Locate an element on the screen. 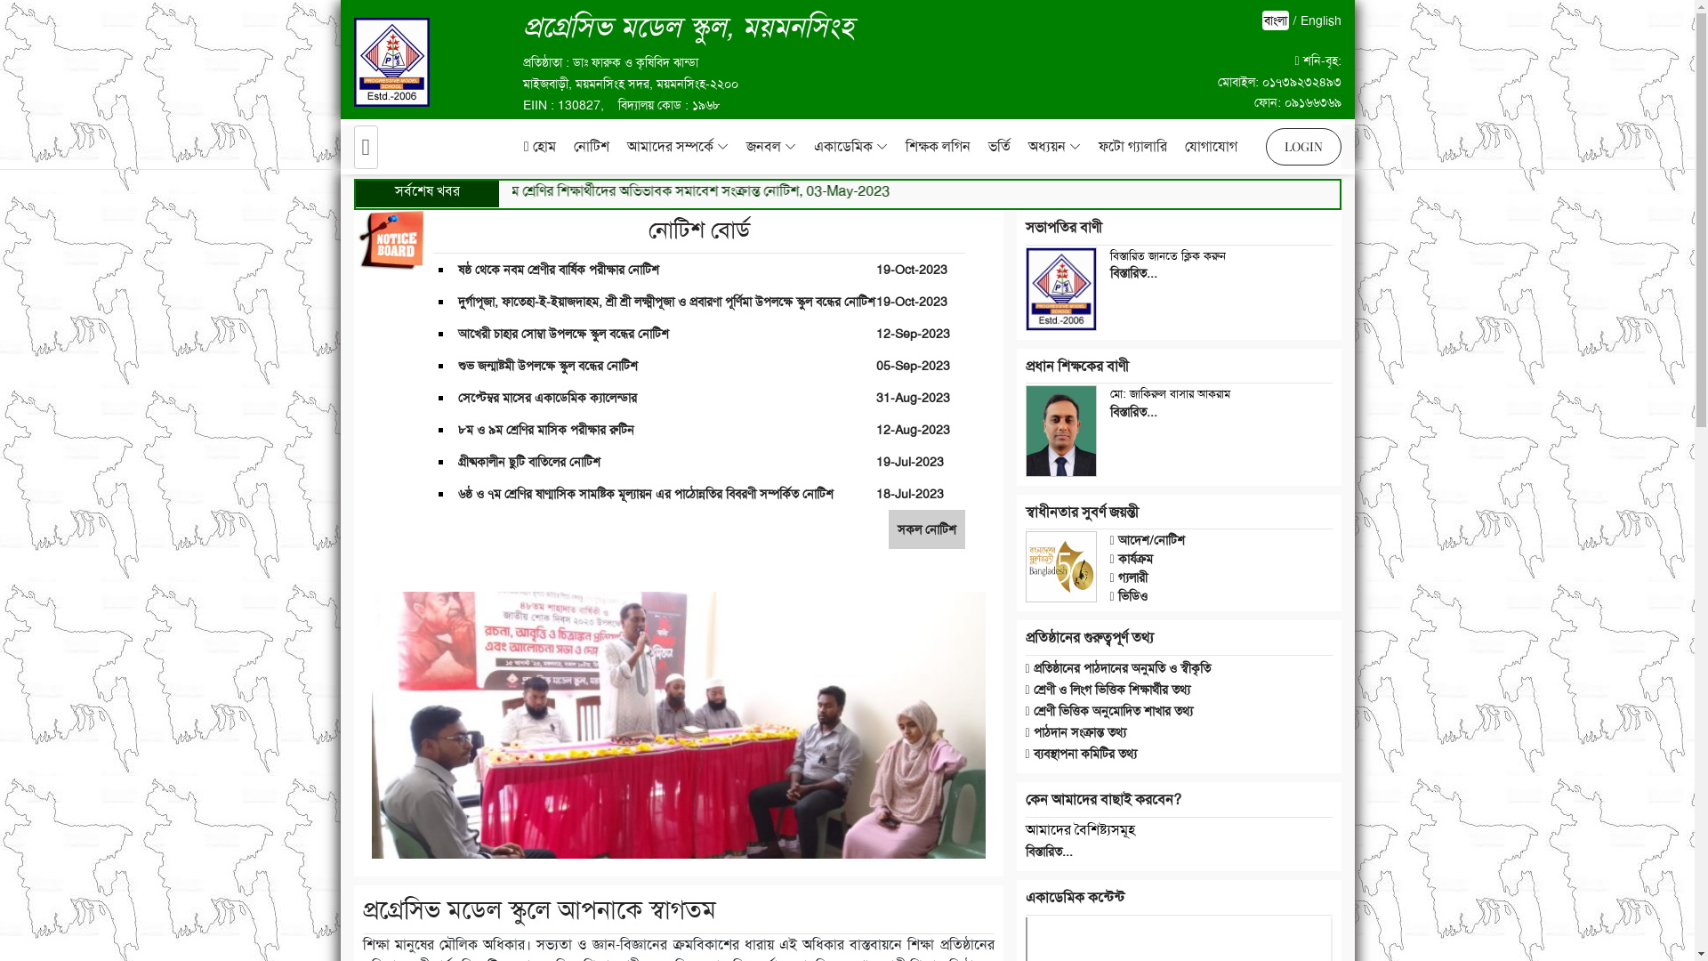 The width and height of the screenshot is (1708, 961). '12-Aug-2023' is located at coordinates (875, 429).